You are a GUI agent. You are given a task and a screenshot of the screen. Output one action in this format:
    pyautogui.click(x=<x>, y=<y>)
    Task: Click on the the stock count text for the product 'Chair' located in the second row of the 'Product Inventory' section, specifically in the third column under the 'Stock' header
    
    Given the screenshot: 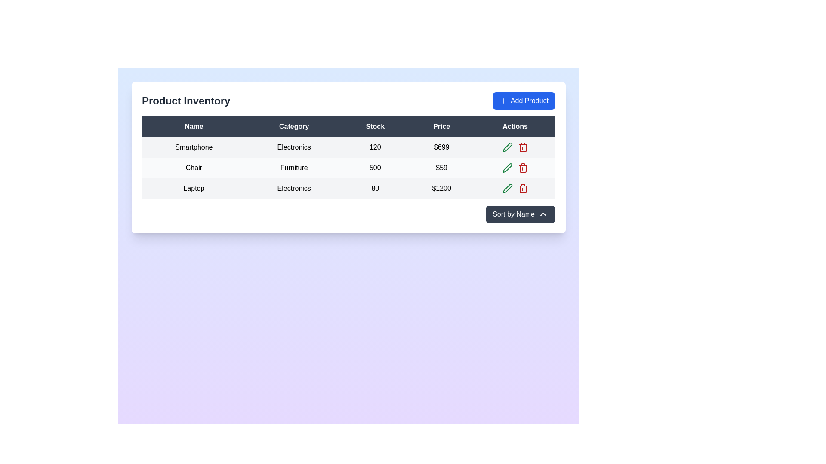 What is the action you would take?
    pyautogui.click(x=375, y=168)
    